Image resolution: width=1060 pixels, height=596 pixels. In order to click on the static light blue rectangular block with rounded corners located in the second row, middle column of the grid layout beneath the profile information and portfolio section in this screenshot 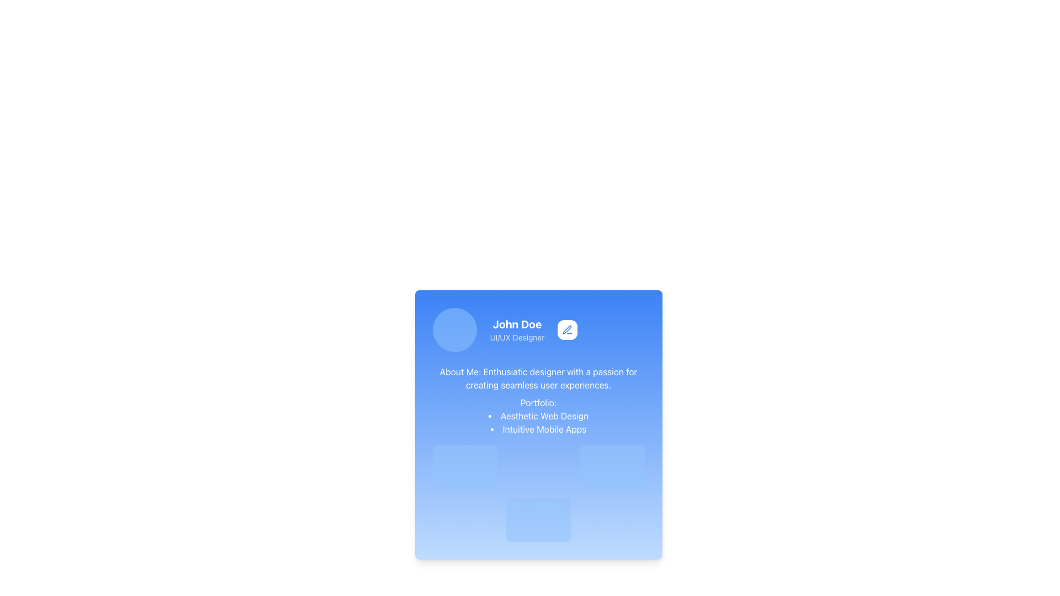, I will do `click(538, 519)`.